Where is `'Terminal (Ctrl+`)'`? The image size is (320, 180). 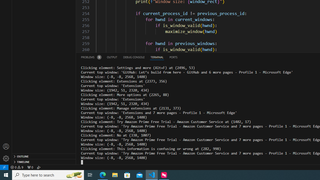 'Terminal (Ctrl+`)' is located at coordinates (156, 57).